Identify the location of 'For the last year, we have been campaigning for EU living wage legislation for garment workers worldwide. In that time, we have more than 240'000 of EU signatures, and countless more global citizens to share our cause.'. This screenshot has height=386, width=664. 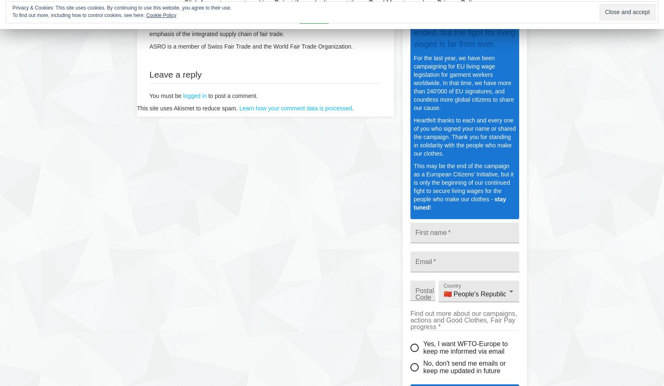
(413, 83).